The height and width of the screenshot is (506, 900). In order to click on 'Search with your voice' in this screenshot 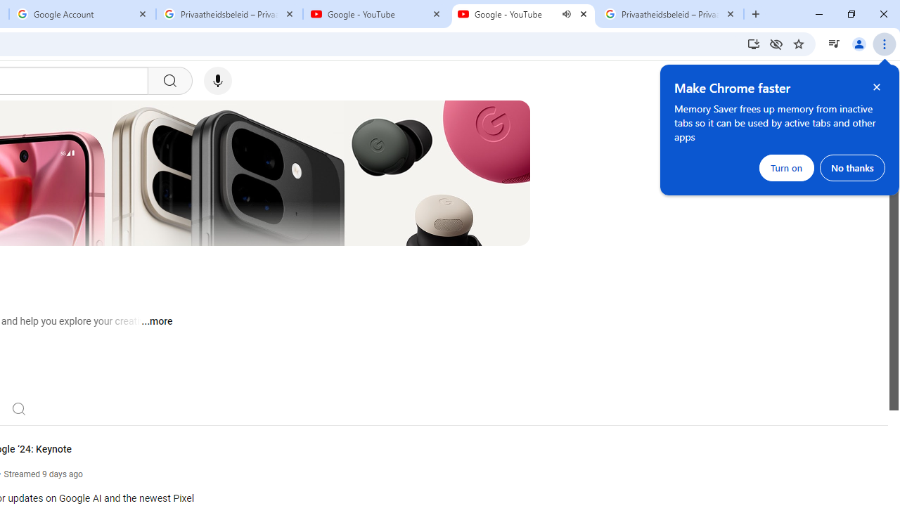, I will do `click(217, 81)`.